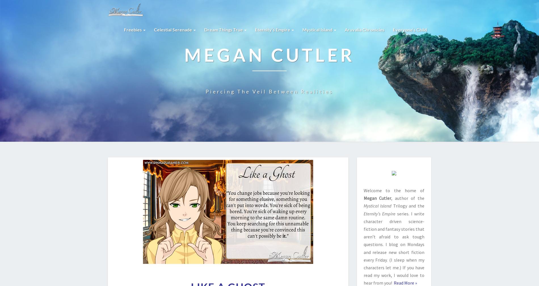 This screenshot has width=539, height=286. I want to click on 'Freebies', so click(124, 29).